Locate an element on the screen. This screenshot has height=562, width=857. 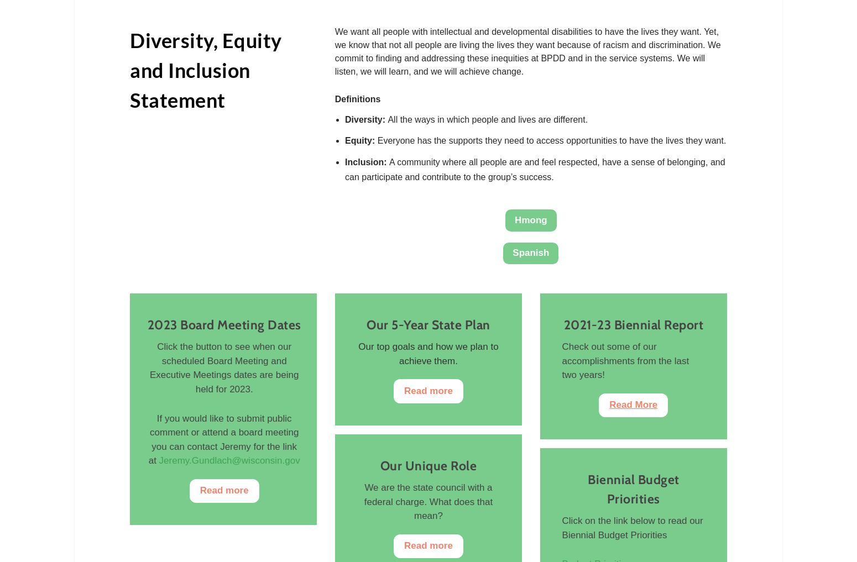
'Diversity, Equity and Inclusion Statement' is located at coordinates (205, 70).